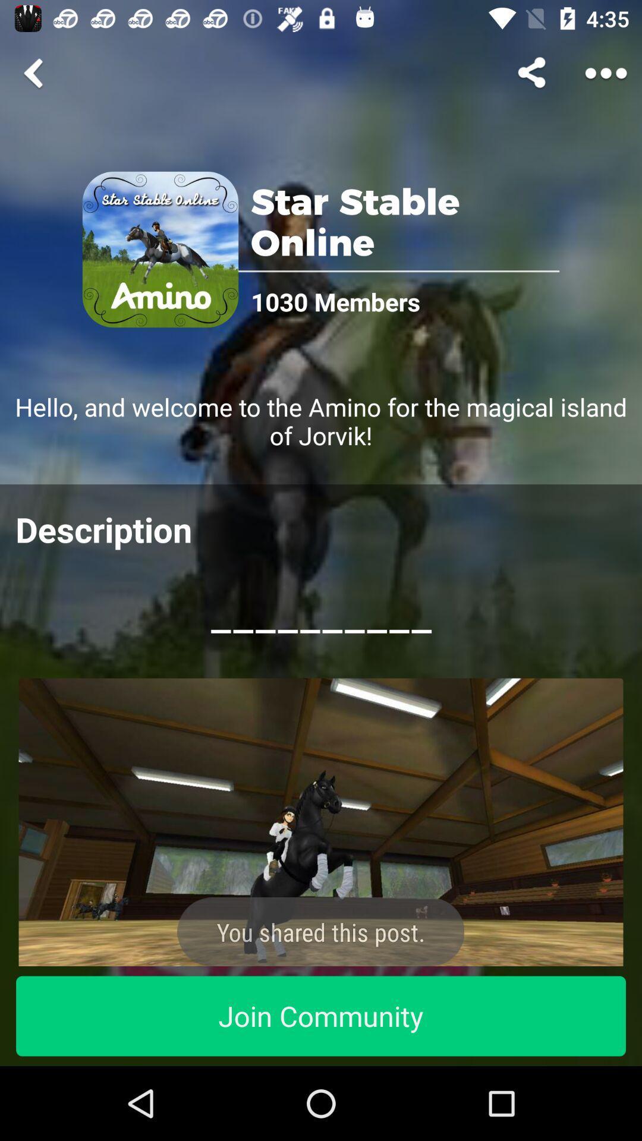  I want to click on the share icon, so click(533, 73).